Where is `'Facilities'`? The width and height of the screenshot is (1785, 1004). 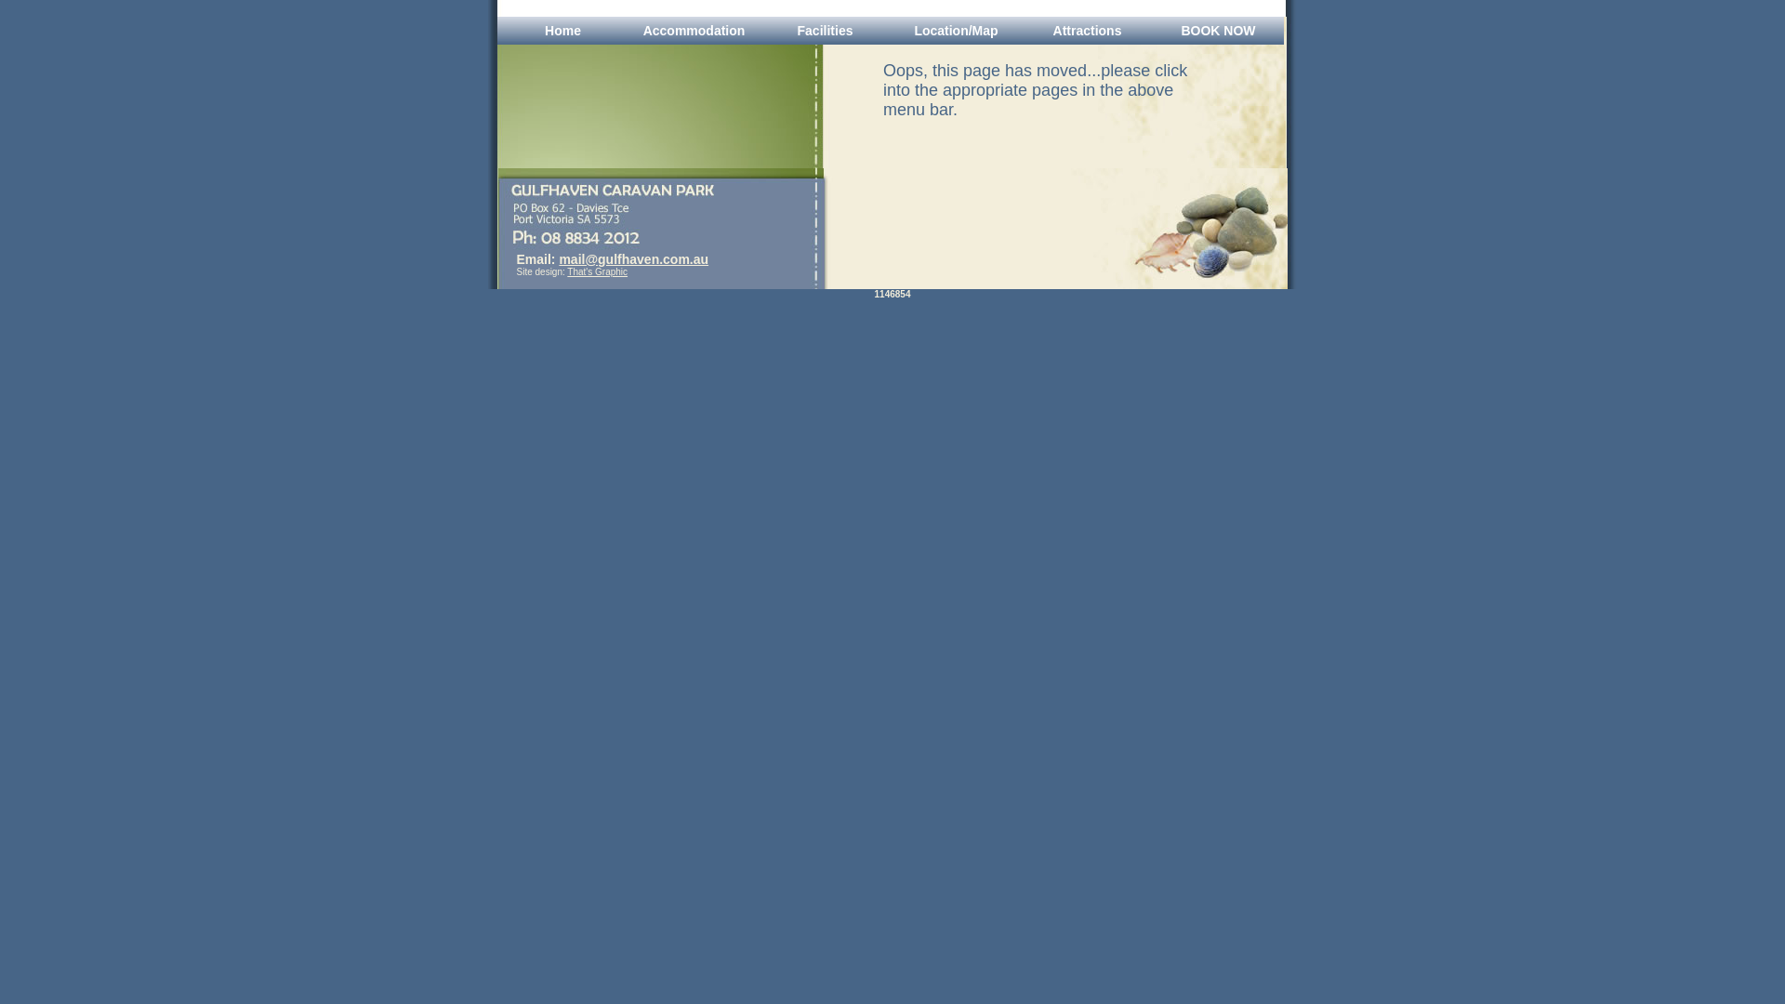 'Facilities' is located at coordinates (824, 31).